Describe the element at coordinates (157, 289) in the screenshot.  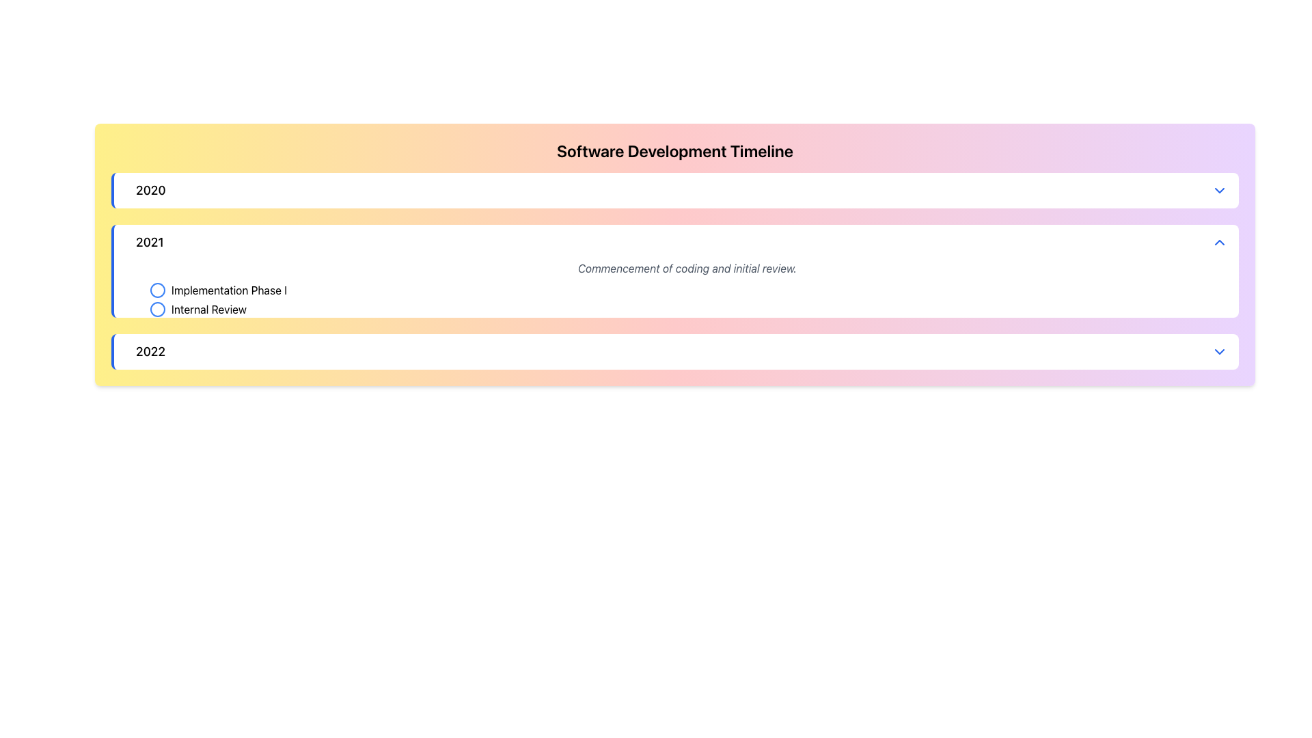
I see `the visual state of the circular icon with a blue border located to the left of the text 'Implementation Phase I'` at that location.